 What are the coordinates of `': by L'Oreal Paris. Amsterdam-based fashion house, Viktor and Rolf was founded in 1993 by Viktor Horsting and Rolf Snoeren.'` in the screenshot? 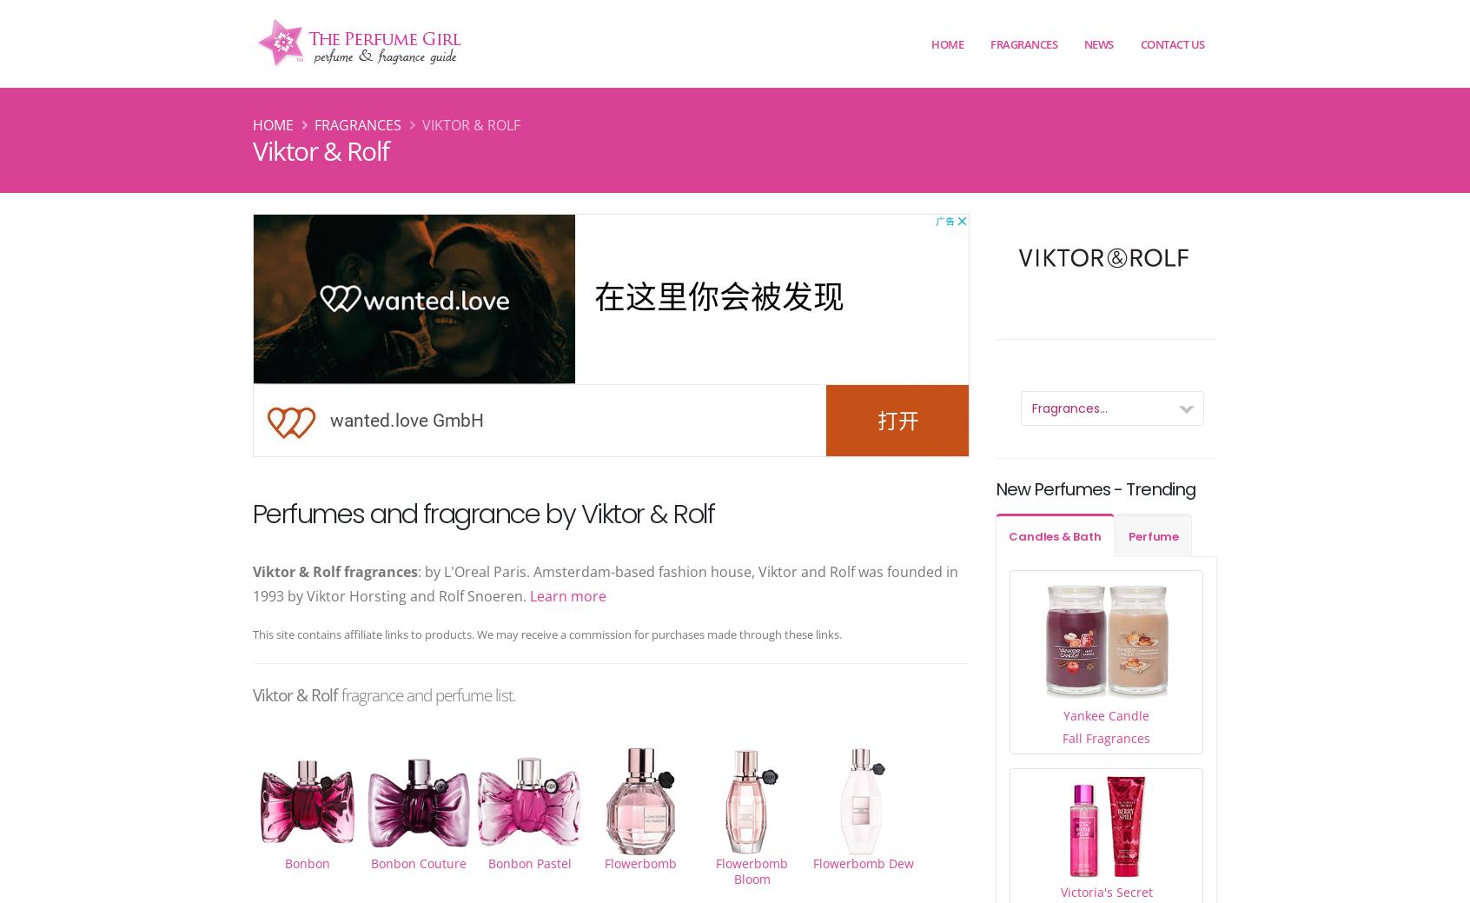 It's located at (252, 583).